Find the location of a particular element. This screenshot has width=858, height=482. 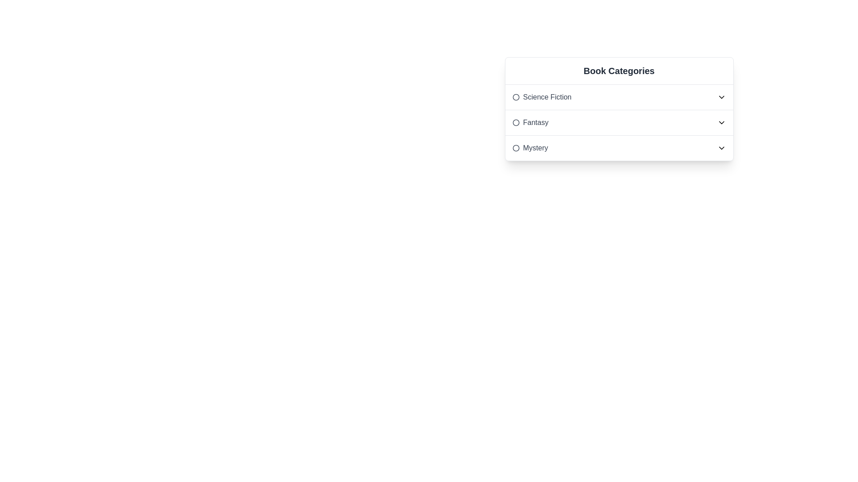

the selection indicator icon located to the left of the 'Science Fiction' label in the 'Book Categories' section is located at coordinates (516, 97).